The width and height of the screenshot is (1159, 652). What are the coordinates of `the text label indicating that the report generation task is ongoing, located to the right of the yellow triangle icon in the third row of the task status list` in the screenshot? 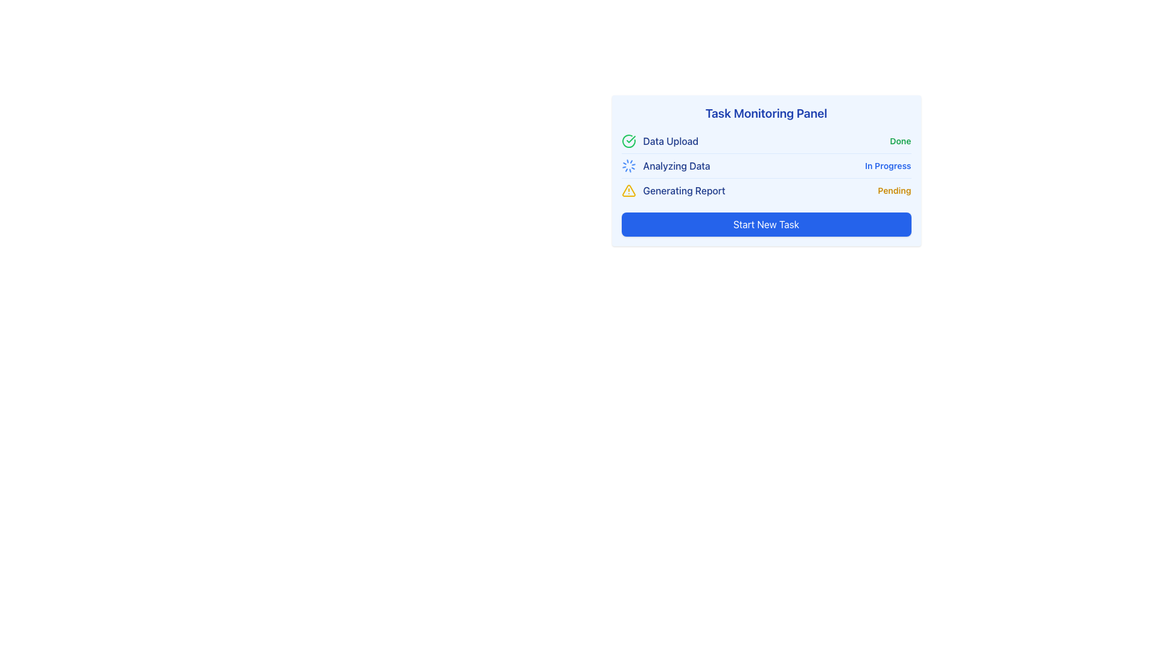 It's located at (684, 190).